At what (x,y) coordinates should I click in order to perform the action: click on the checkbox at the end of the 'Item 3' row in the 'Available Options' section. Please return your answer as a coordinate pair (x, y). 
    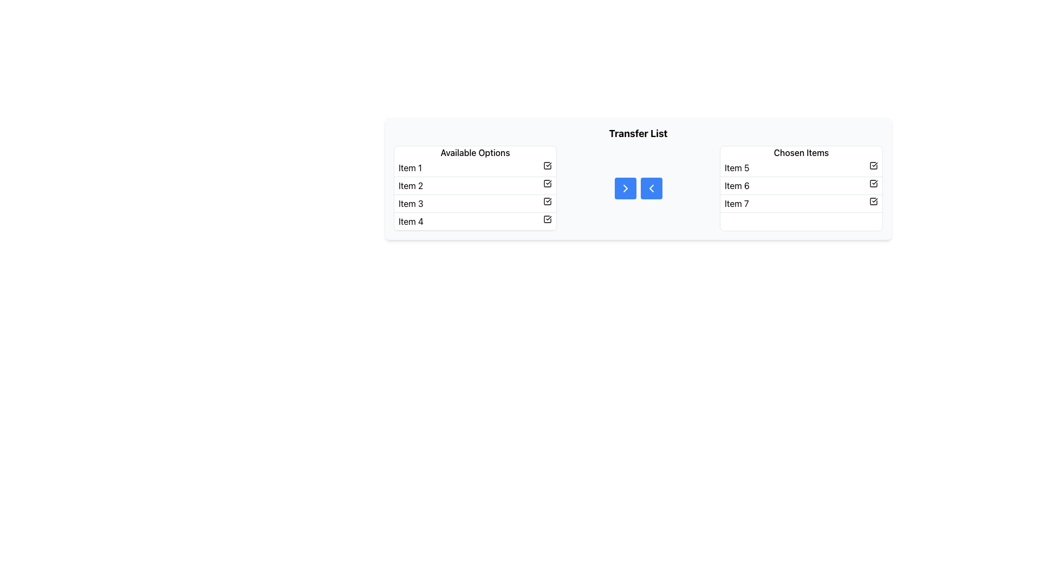
    Looking at the image, I should click on (548, 201).